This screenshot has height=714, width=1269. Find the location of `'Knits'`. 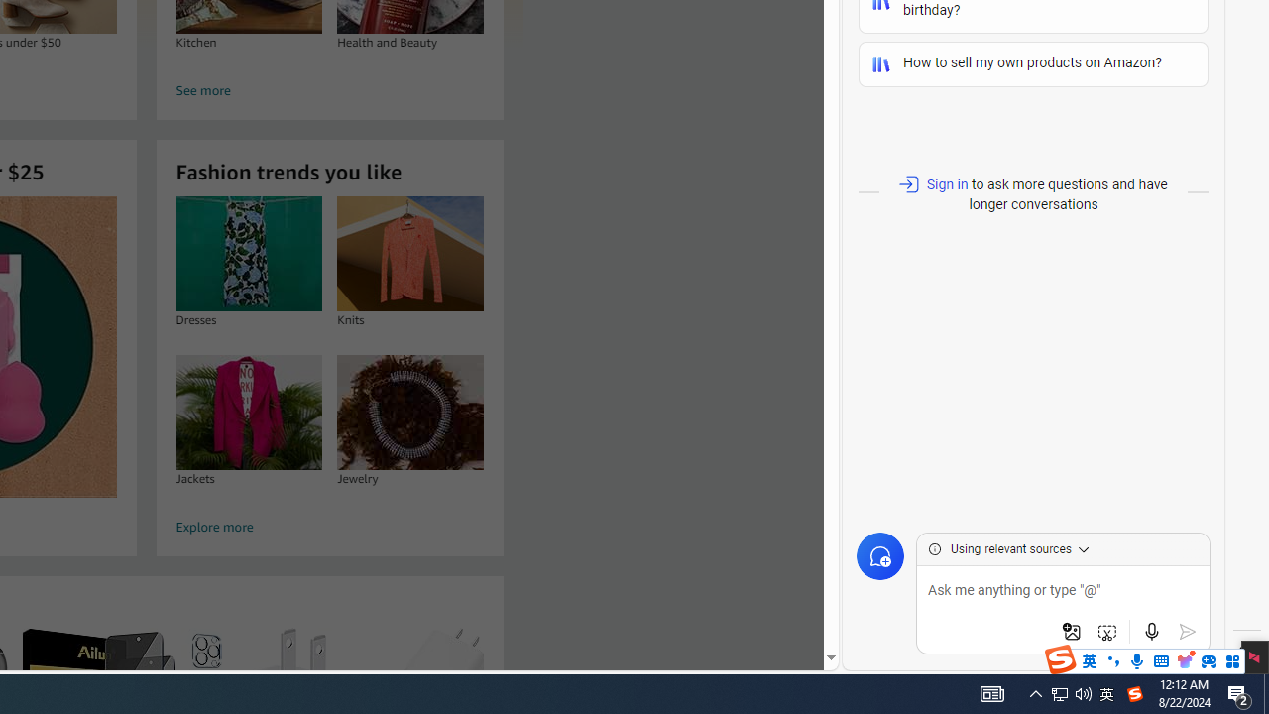

'Knits' is located at coordinates (409, 253).